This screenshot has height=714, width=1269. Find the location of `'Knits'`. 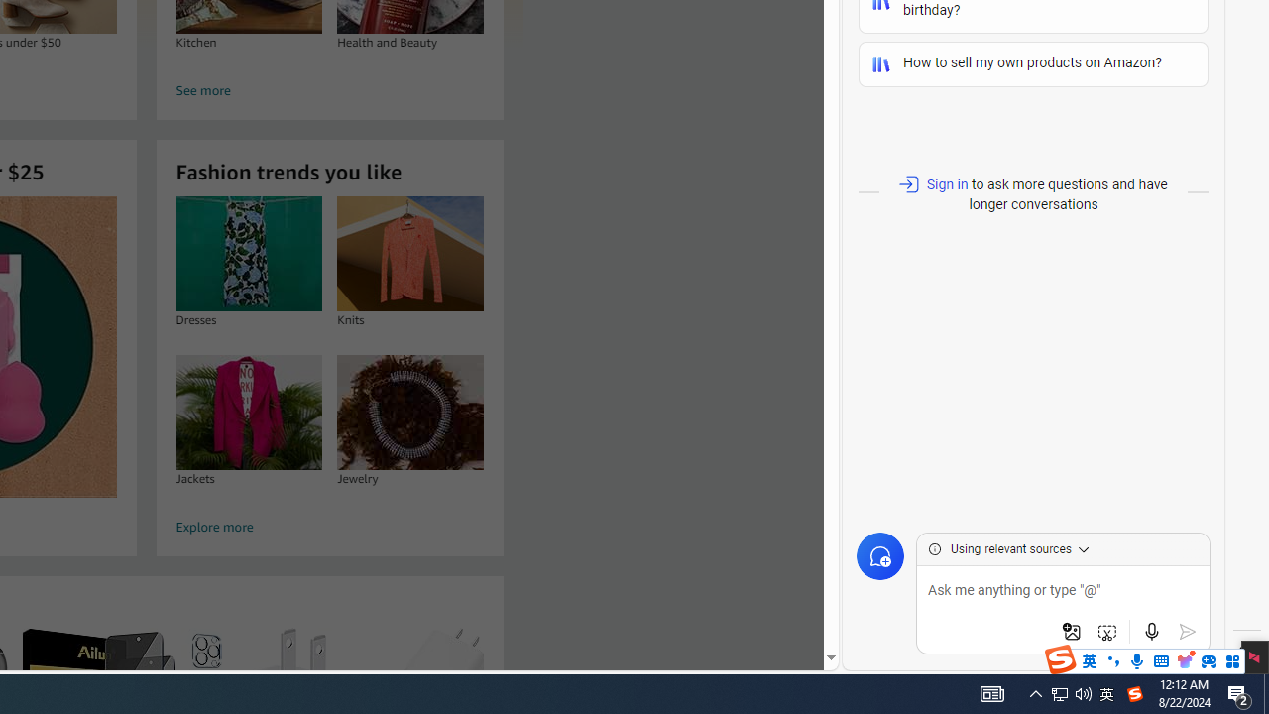

'Knits' is located at coordinates (409, 253).